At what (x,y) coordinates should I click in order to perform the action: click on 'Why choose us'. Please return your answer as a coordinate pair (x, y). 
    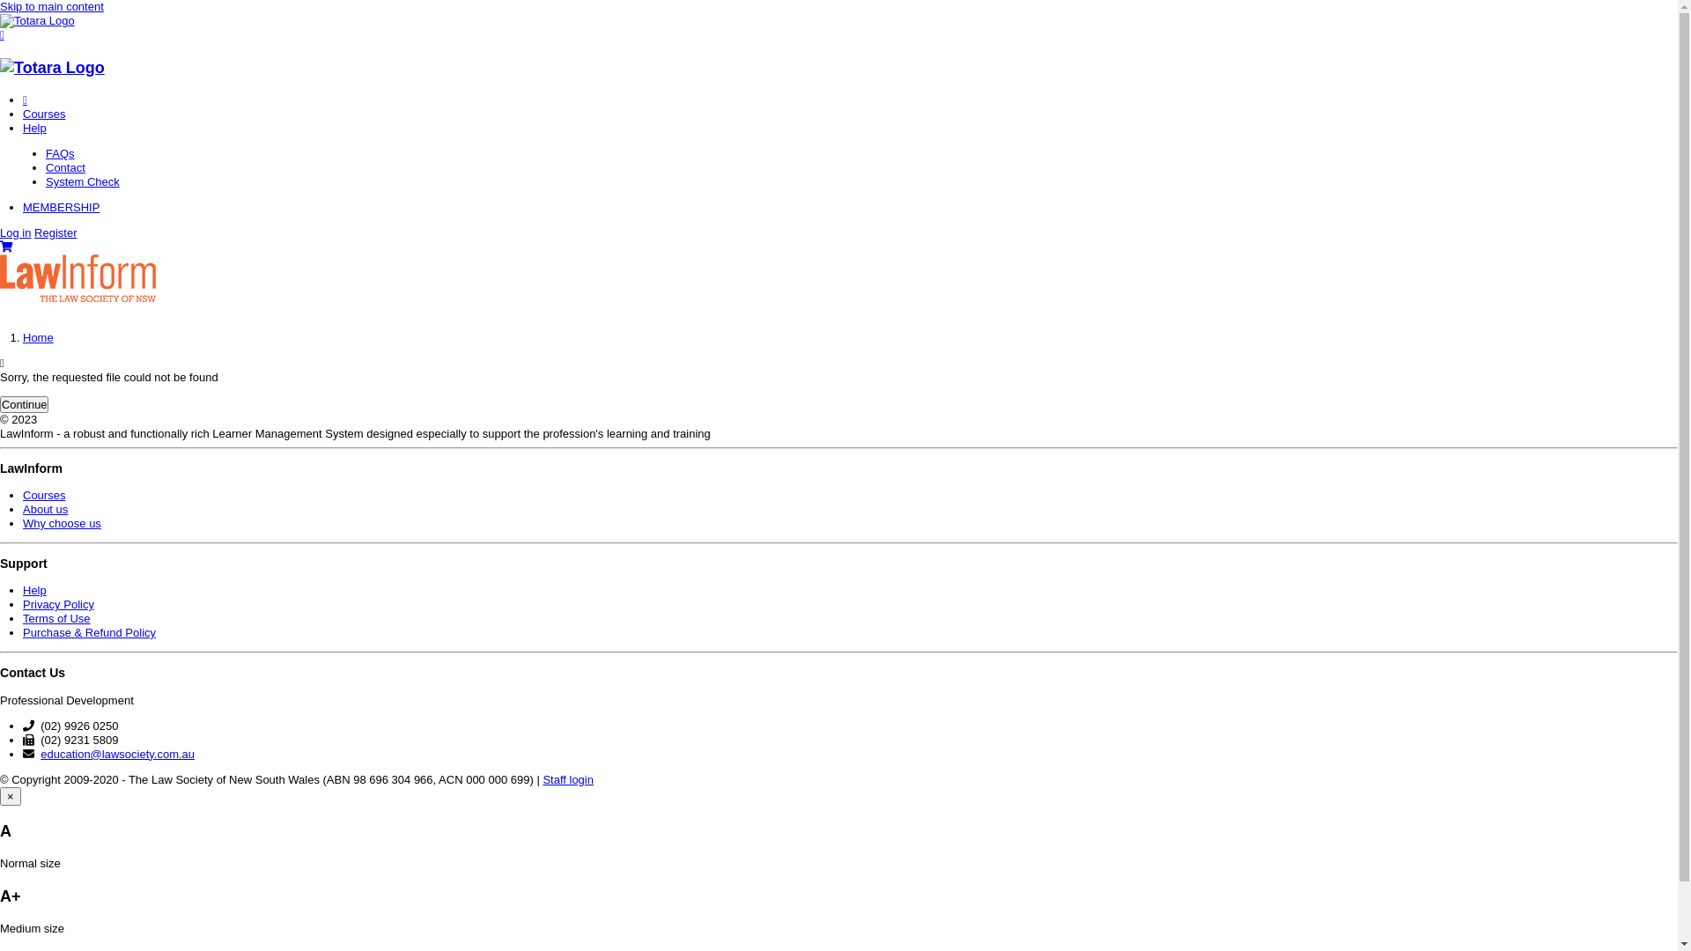
    Looking at the image, I should click on (62, 522).